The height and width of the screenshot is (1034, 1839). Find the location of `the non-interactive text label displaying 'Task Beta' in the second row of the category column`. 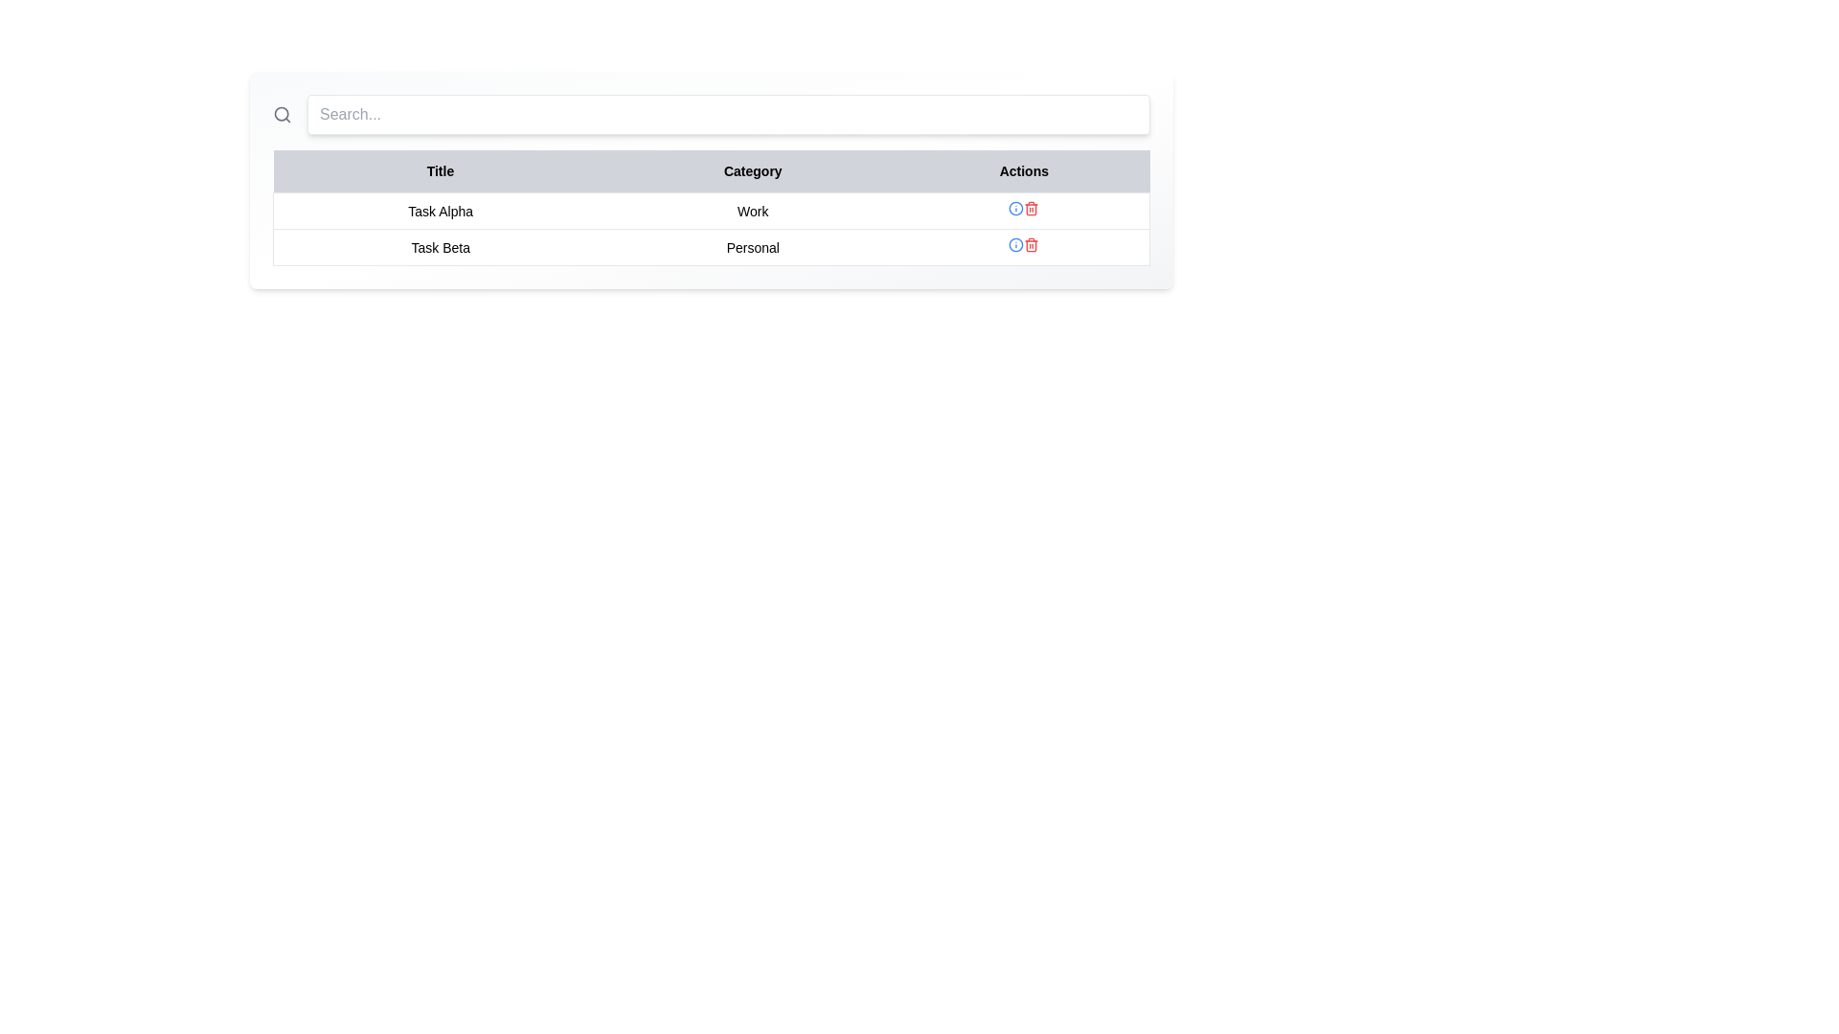

the non-interactive text label displaying 'Task Beta' in the second row of the category column is located at coordinates (752, 246).